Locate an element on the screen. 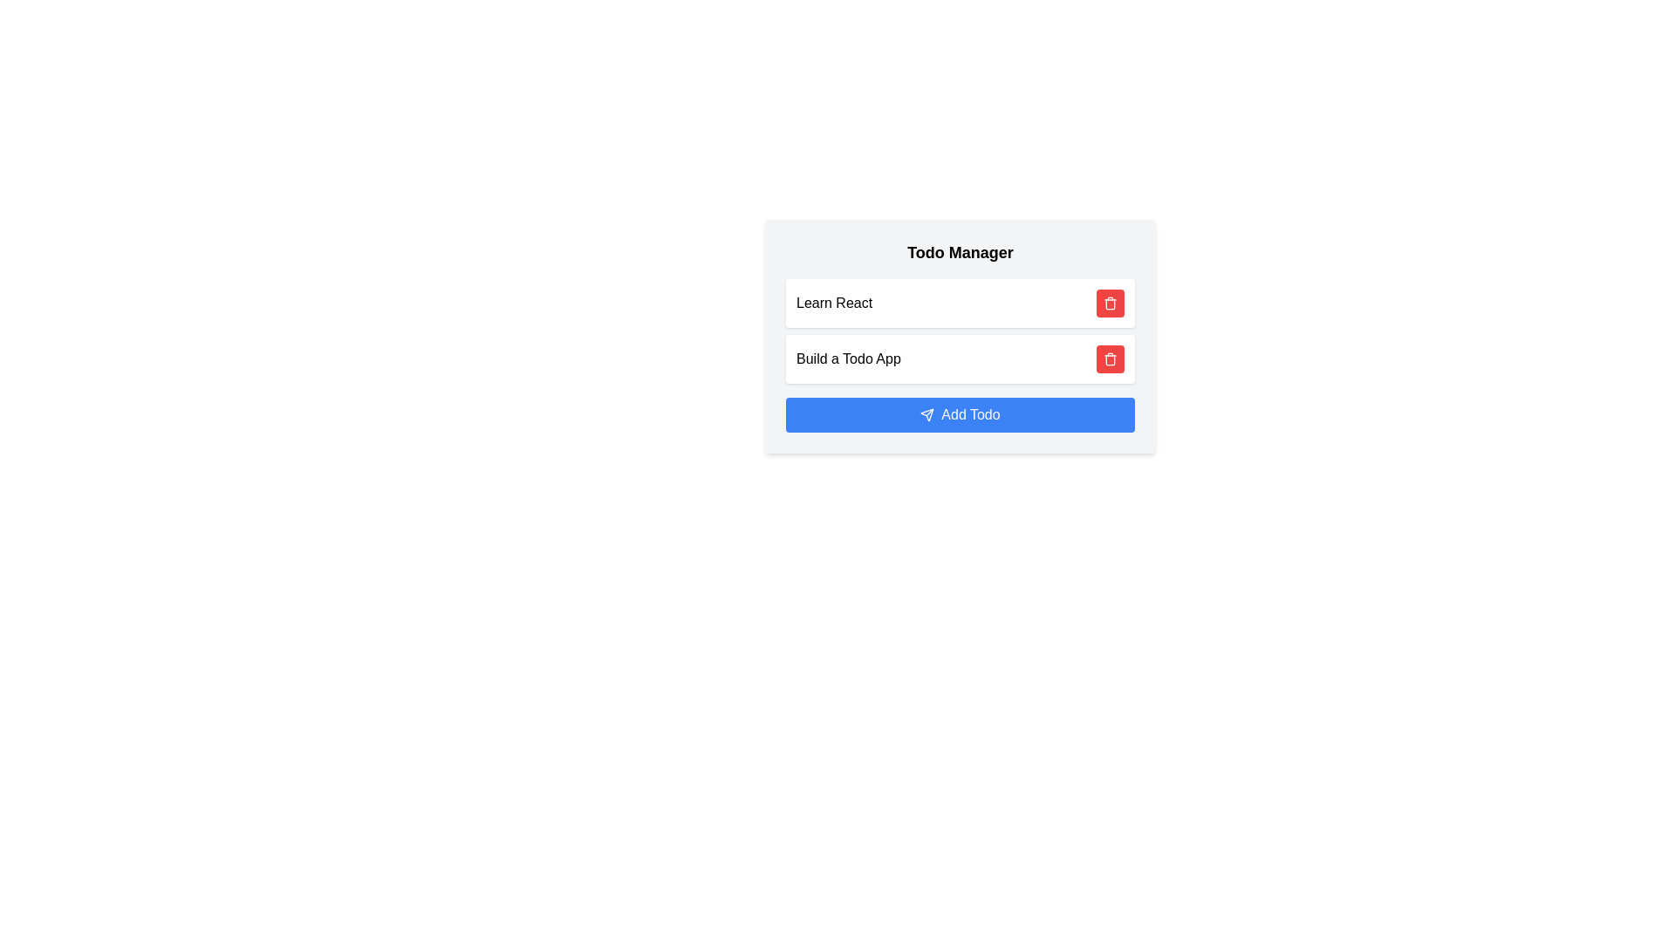 Image resolution: width=1675 pixels, height=942 pixels. the paper airplane icon located in the center-left part of the 'Add Todo' button at the bottom of the 'Todo Manager' interface card is located at coordinates (926, 414).